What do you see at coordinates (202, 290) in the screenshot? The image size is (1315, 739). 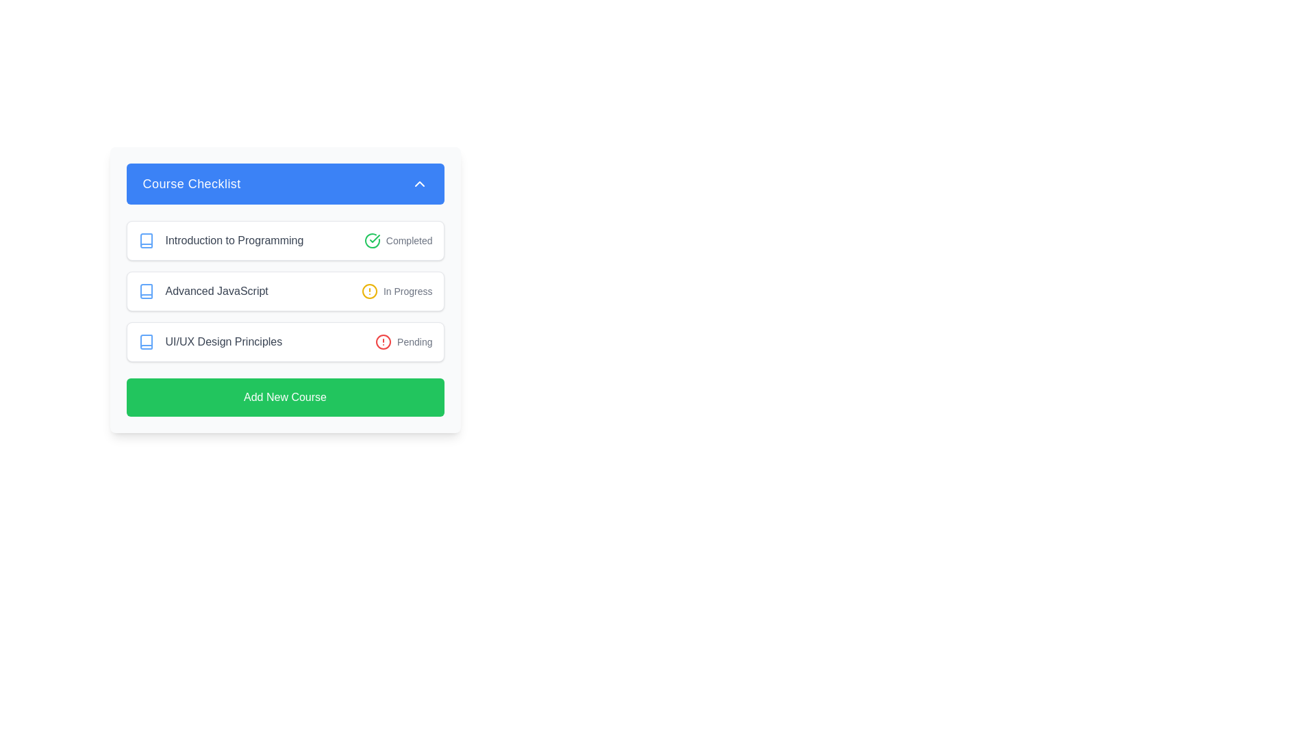 I see `text of the 'Advanced JavaScript' checklist entry title, which is the second item in the vertical checklist` at bounding box center [202, 290].